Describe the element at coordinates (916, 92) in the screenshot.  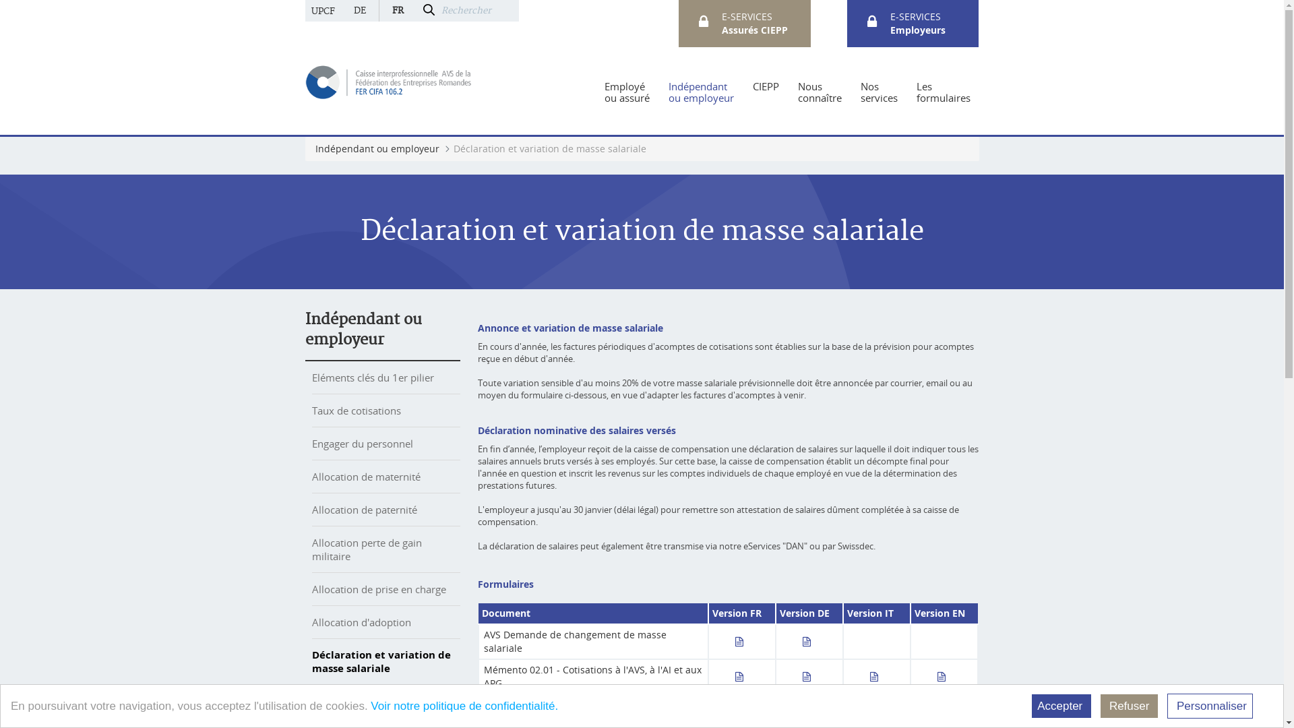
I see `'Les` at that location.